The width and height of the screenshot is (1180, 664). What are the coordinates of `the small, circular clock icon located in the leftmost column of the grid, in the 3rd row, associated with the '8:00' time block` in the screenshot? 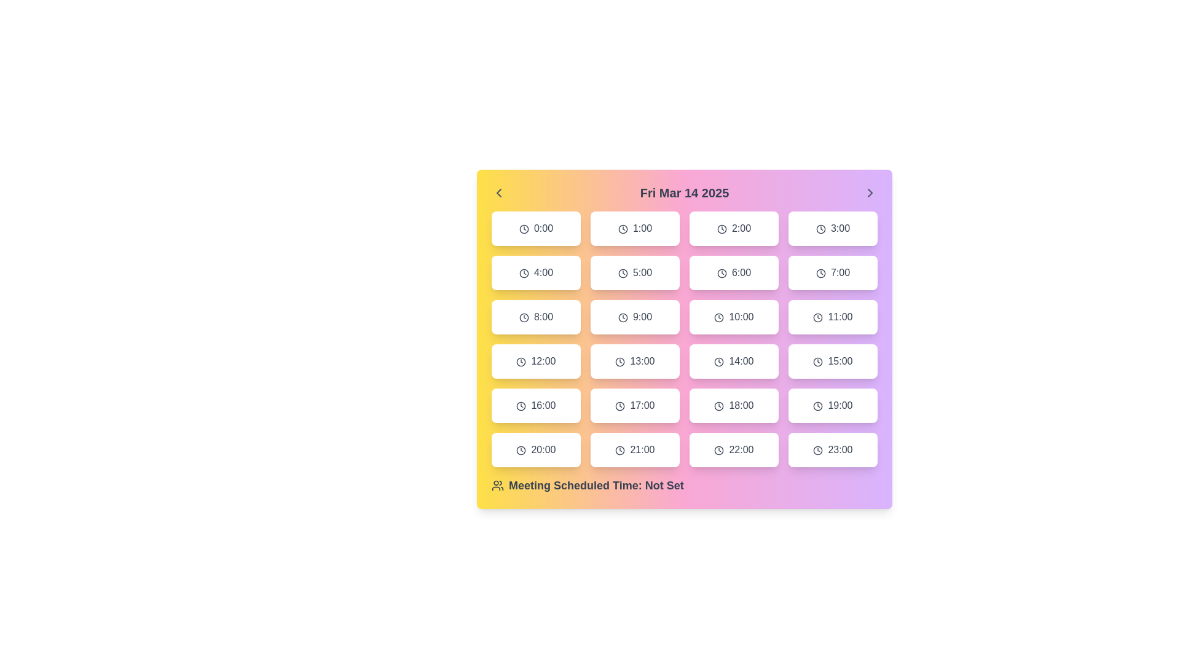 It's located at (524, 317).